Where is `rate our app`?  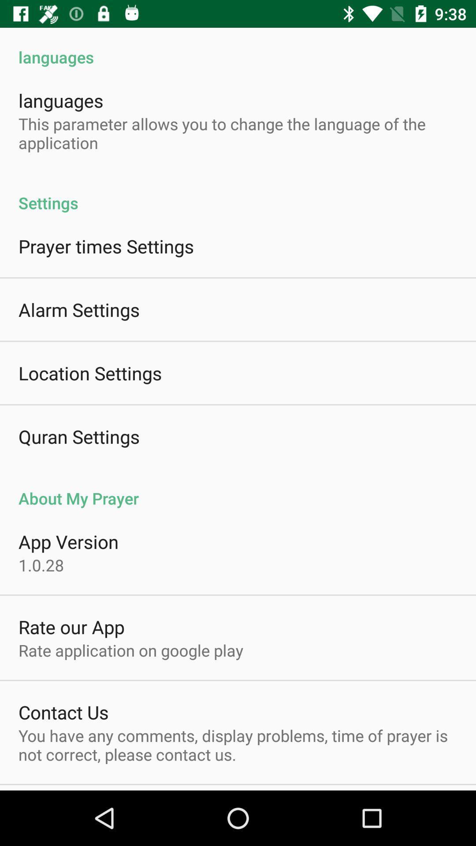 rate our app is located at coordinates (71, 626).